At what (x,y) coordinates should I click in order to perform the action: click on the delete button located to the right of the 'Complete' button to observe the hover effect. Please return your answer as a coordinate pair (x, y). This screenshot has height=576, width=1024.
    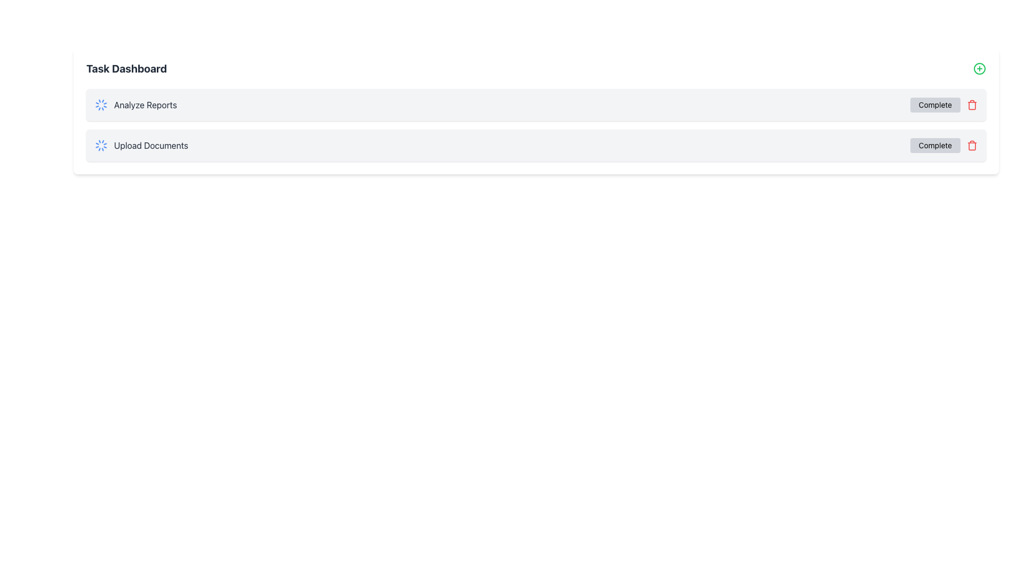
    Looking at the image, I should click on (972, 146).